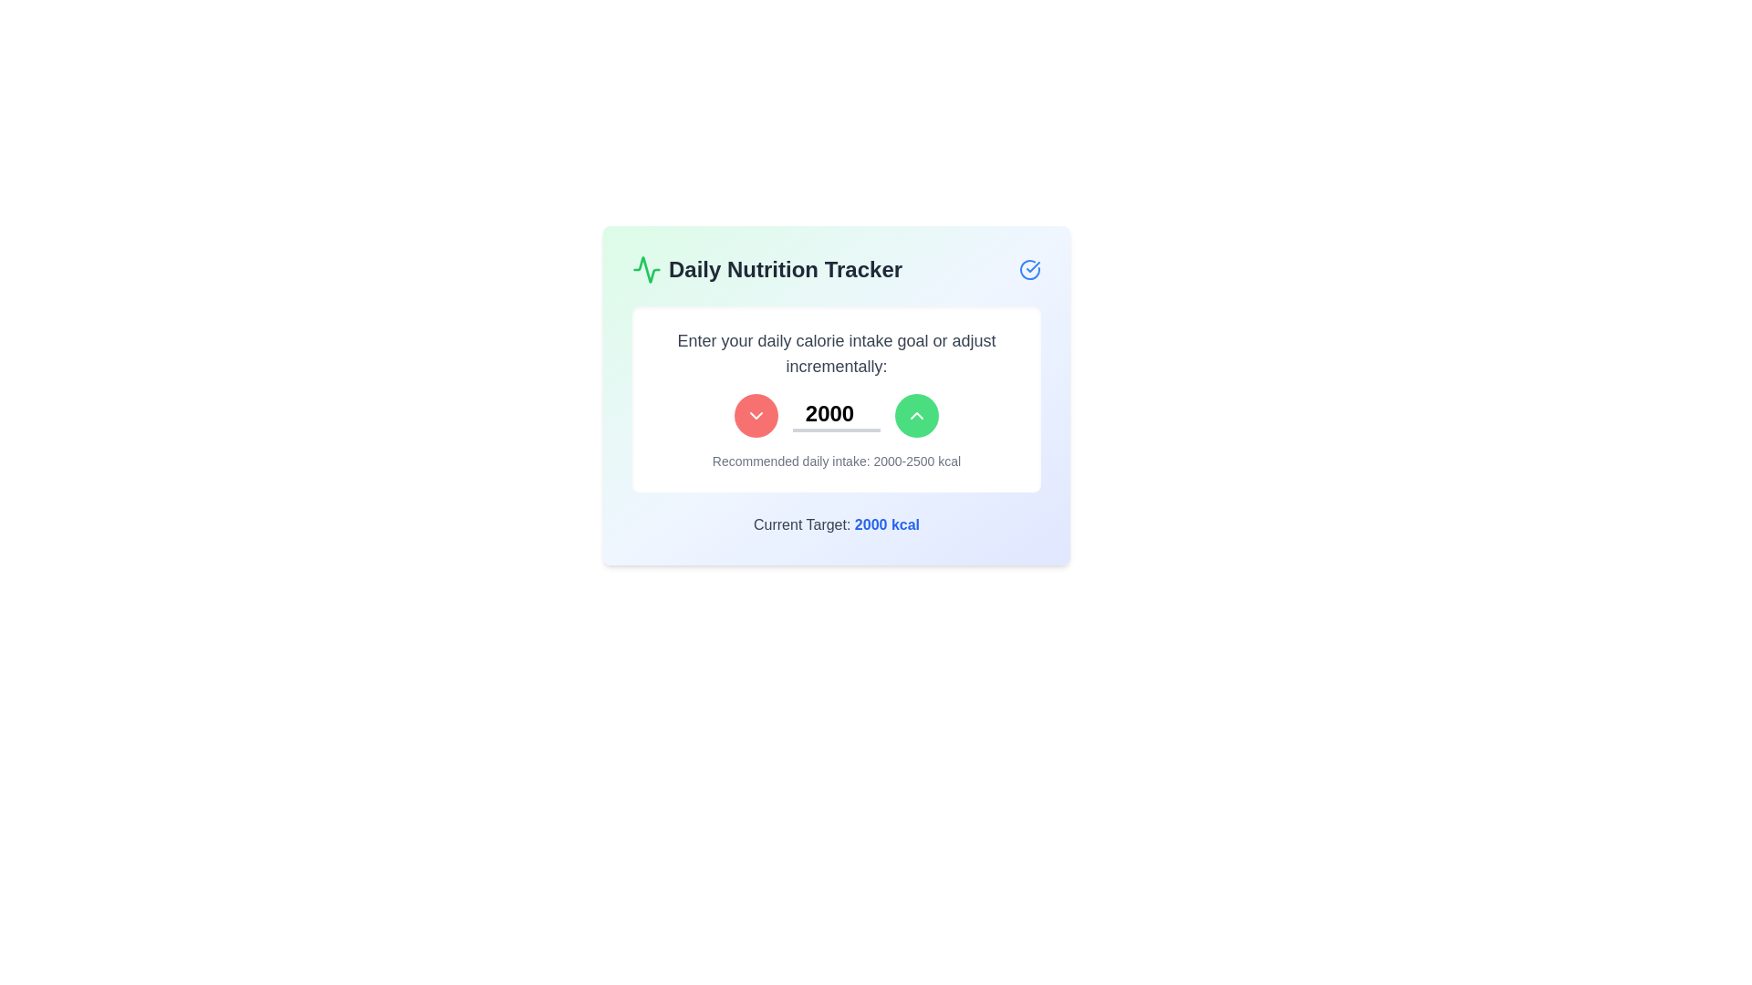 The width and height of the screenshot is (1752, 985). What do you see at coordinates (1029, 270) in the screenshot?
I see `the blue circular icon with a check mark inside, located at the top-right corner of the 'Daily Nutrition Tracker' card` at bounding box center [1029, 270].